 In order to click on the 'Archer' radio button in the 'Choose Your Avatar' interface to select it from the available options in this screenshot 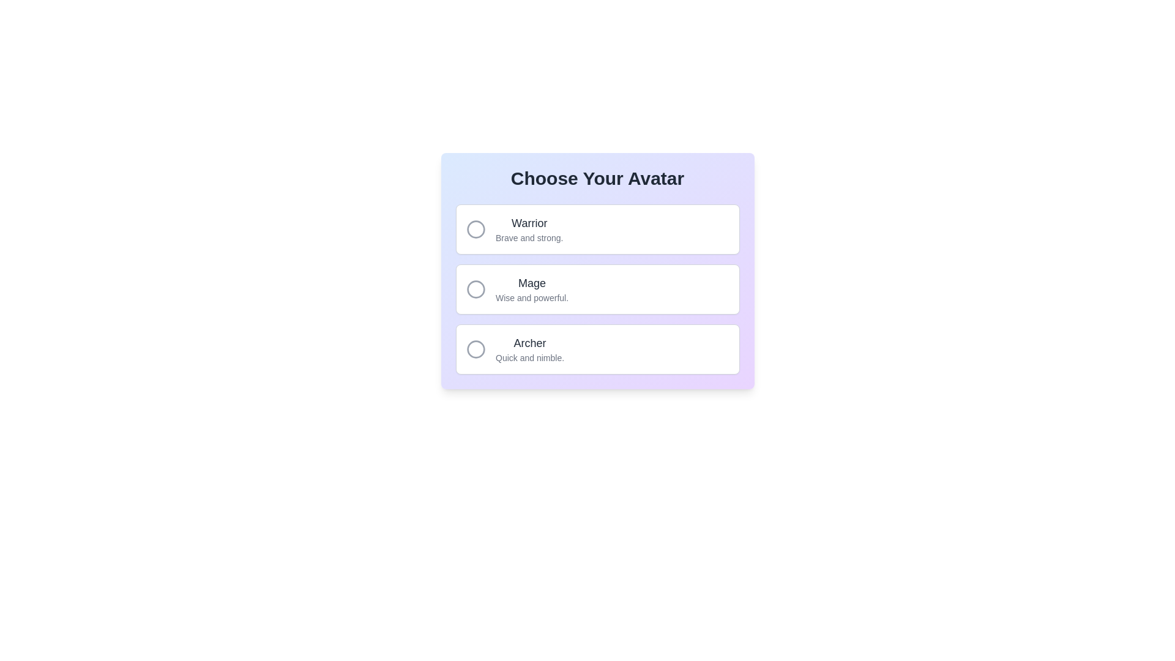, I will do `click(475, 349)`.